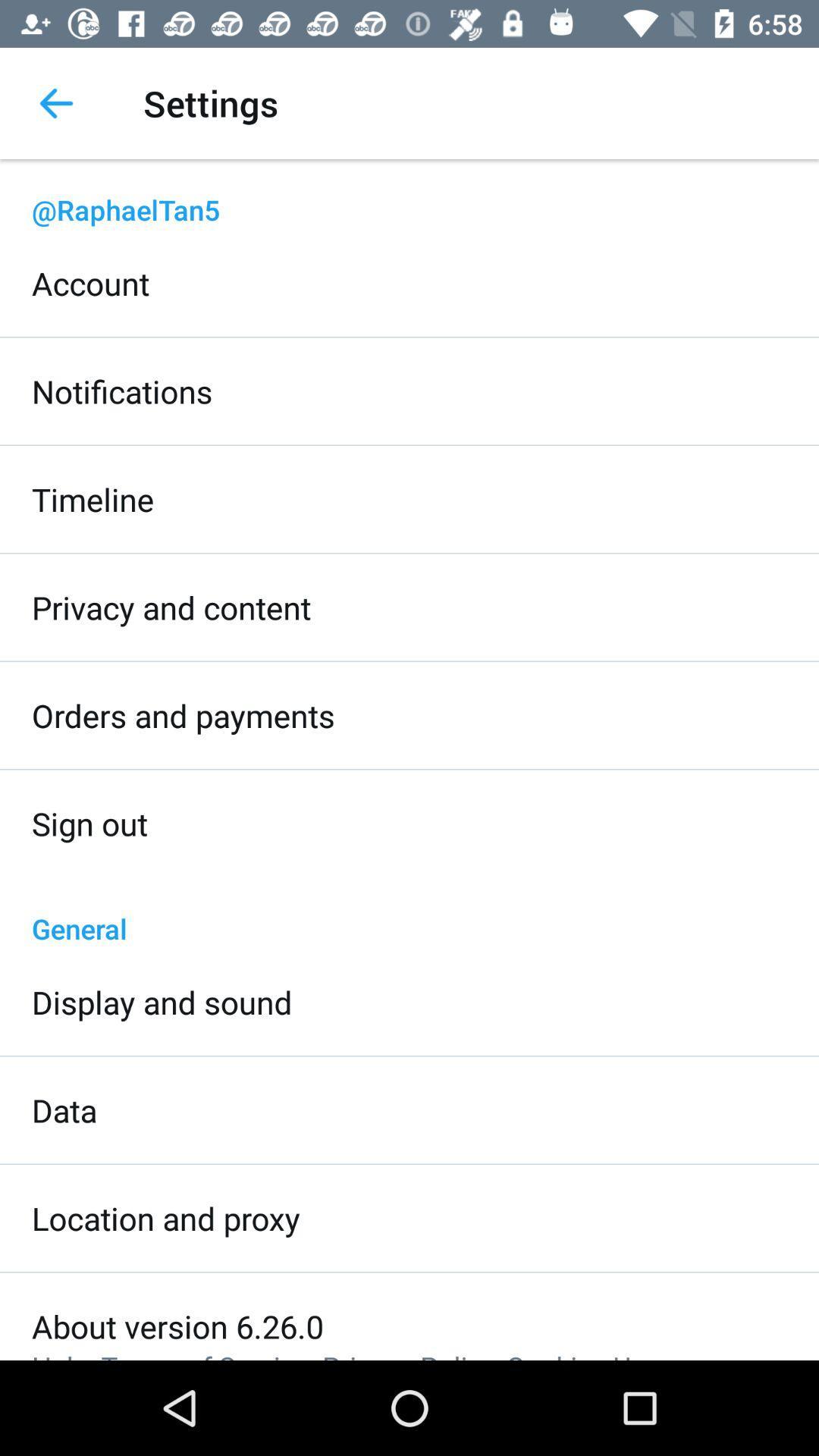 The height and width of the screenshot is (1456, 819). I want to click on item above the display and sound, so click(409, 912).